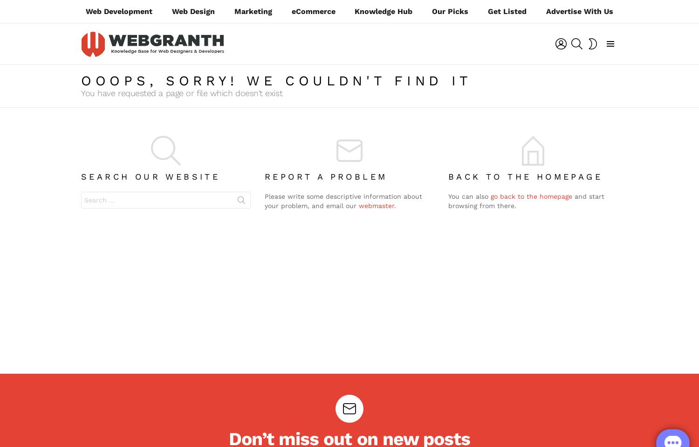 The image size is (699, 447). I want to click on 'Before You Go…', so click(390, 204).